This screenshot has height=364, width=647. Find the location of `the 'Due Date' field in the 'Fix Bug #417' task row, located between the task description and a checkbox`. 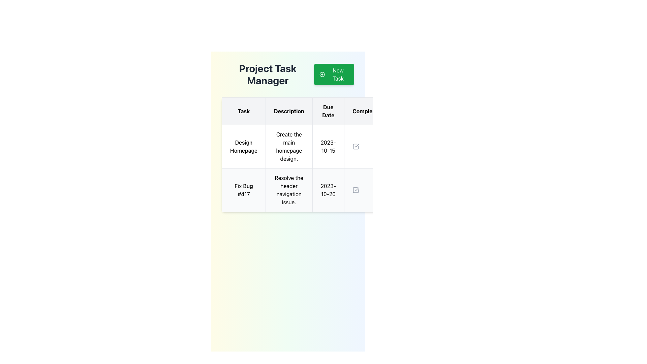

the 'Due Date' field in the 'Fix Bug #417' task row, located between the task description and a checkbox is located at coordinates (328, 190).